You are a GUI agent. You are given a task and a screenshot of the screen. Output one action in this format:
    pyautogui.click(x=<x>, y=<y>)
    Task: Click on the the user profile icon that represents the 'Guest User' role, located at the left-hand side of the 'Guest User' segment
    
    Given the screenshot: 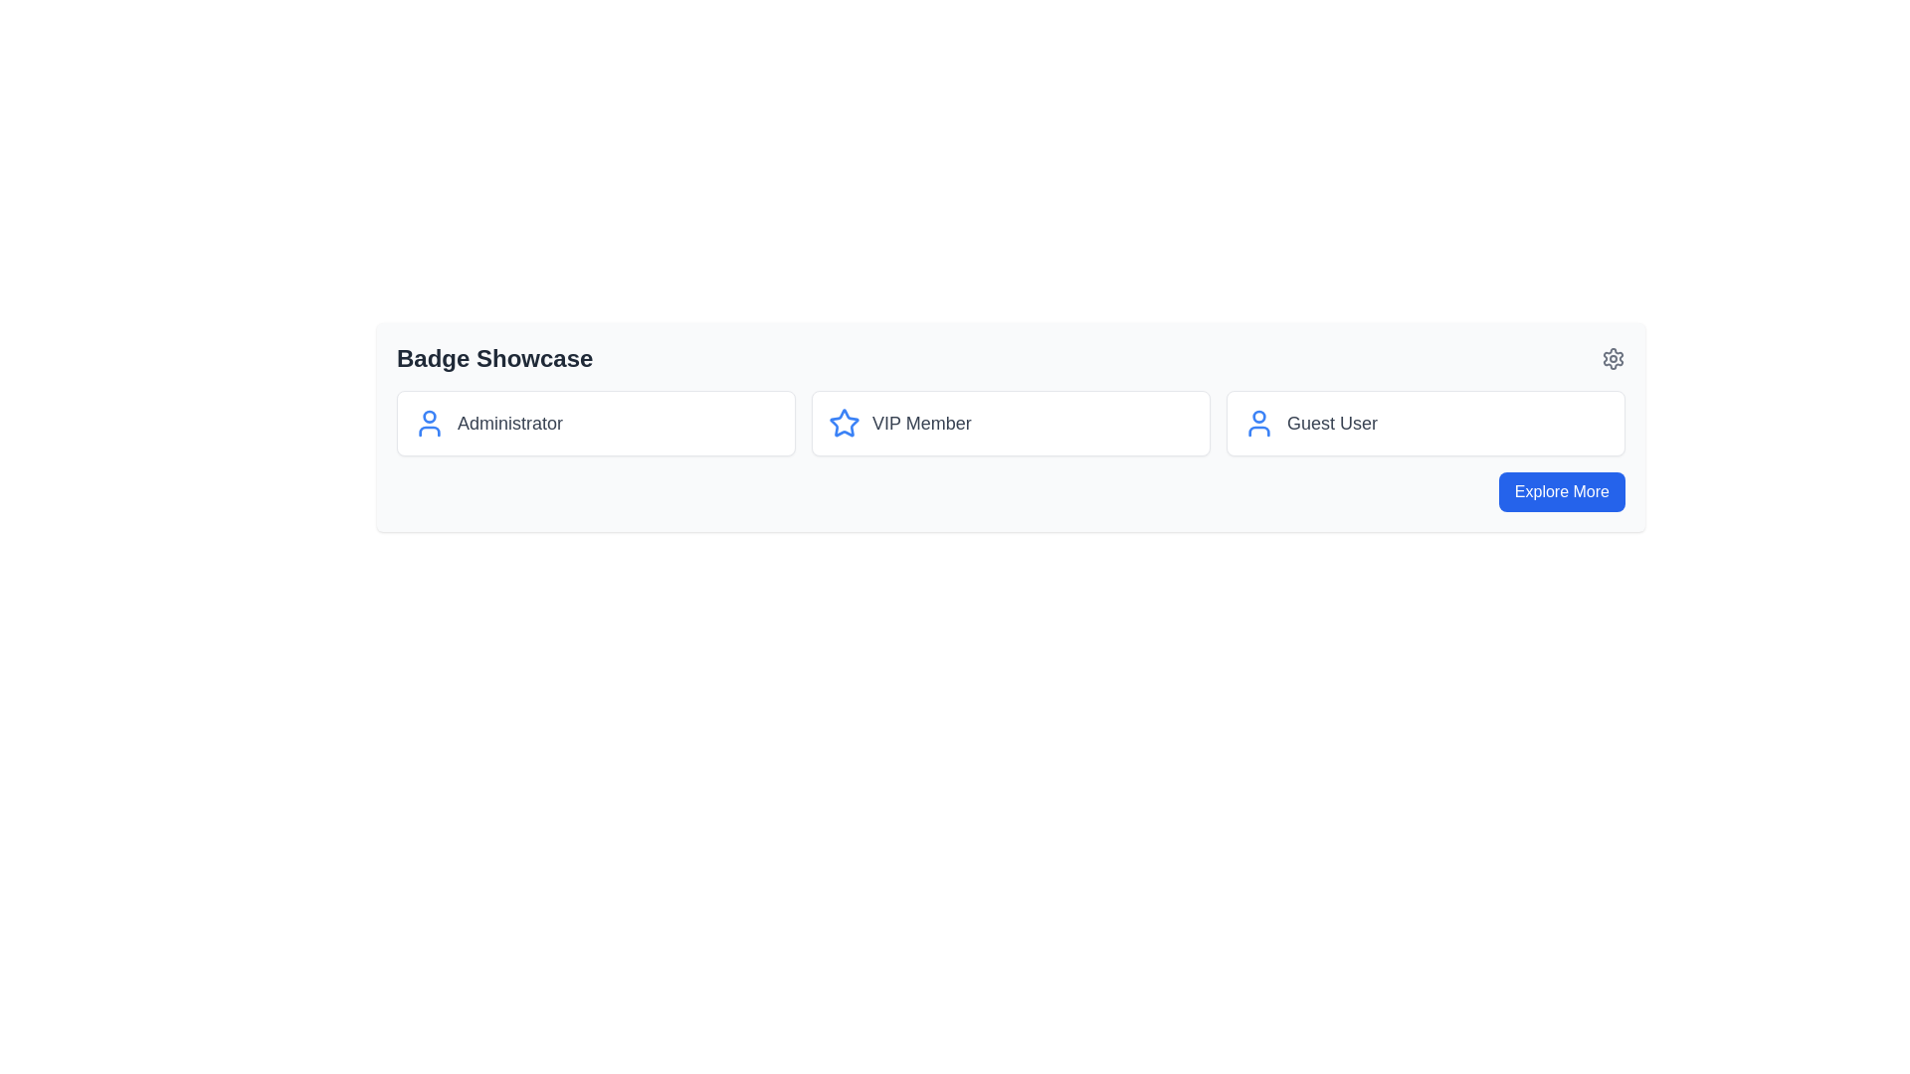 What is the action you would take?
    pyautogui.click(x=1258, y=422)
    